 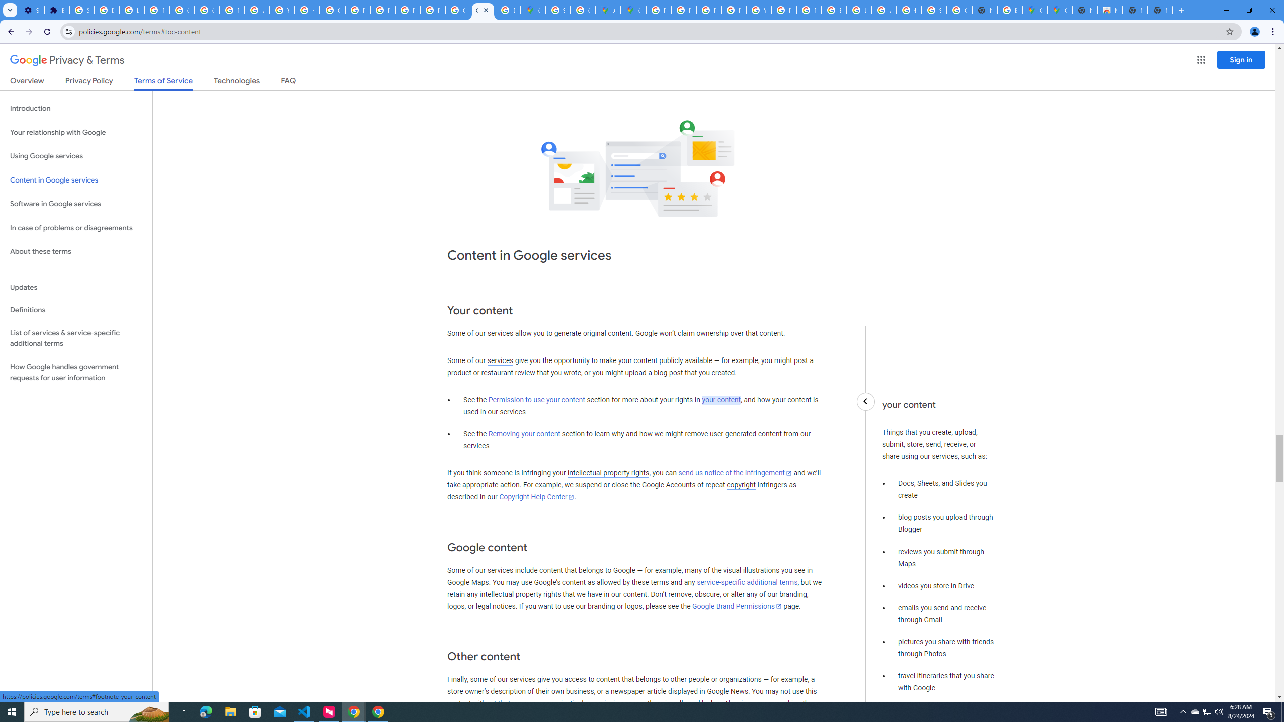 I want to click on 'How Google handles government requests for user information', so click(x=76, y=372).